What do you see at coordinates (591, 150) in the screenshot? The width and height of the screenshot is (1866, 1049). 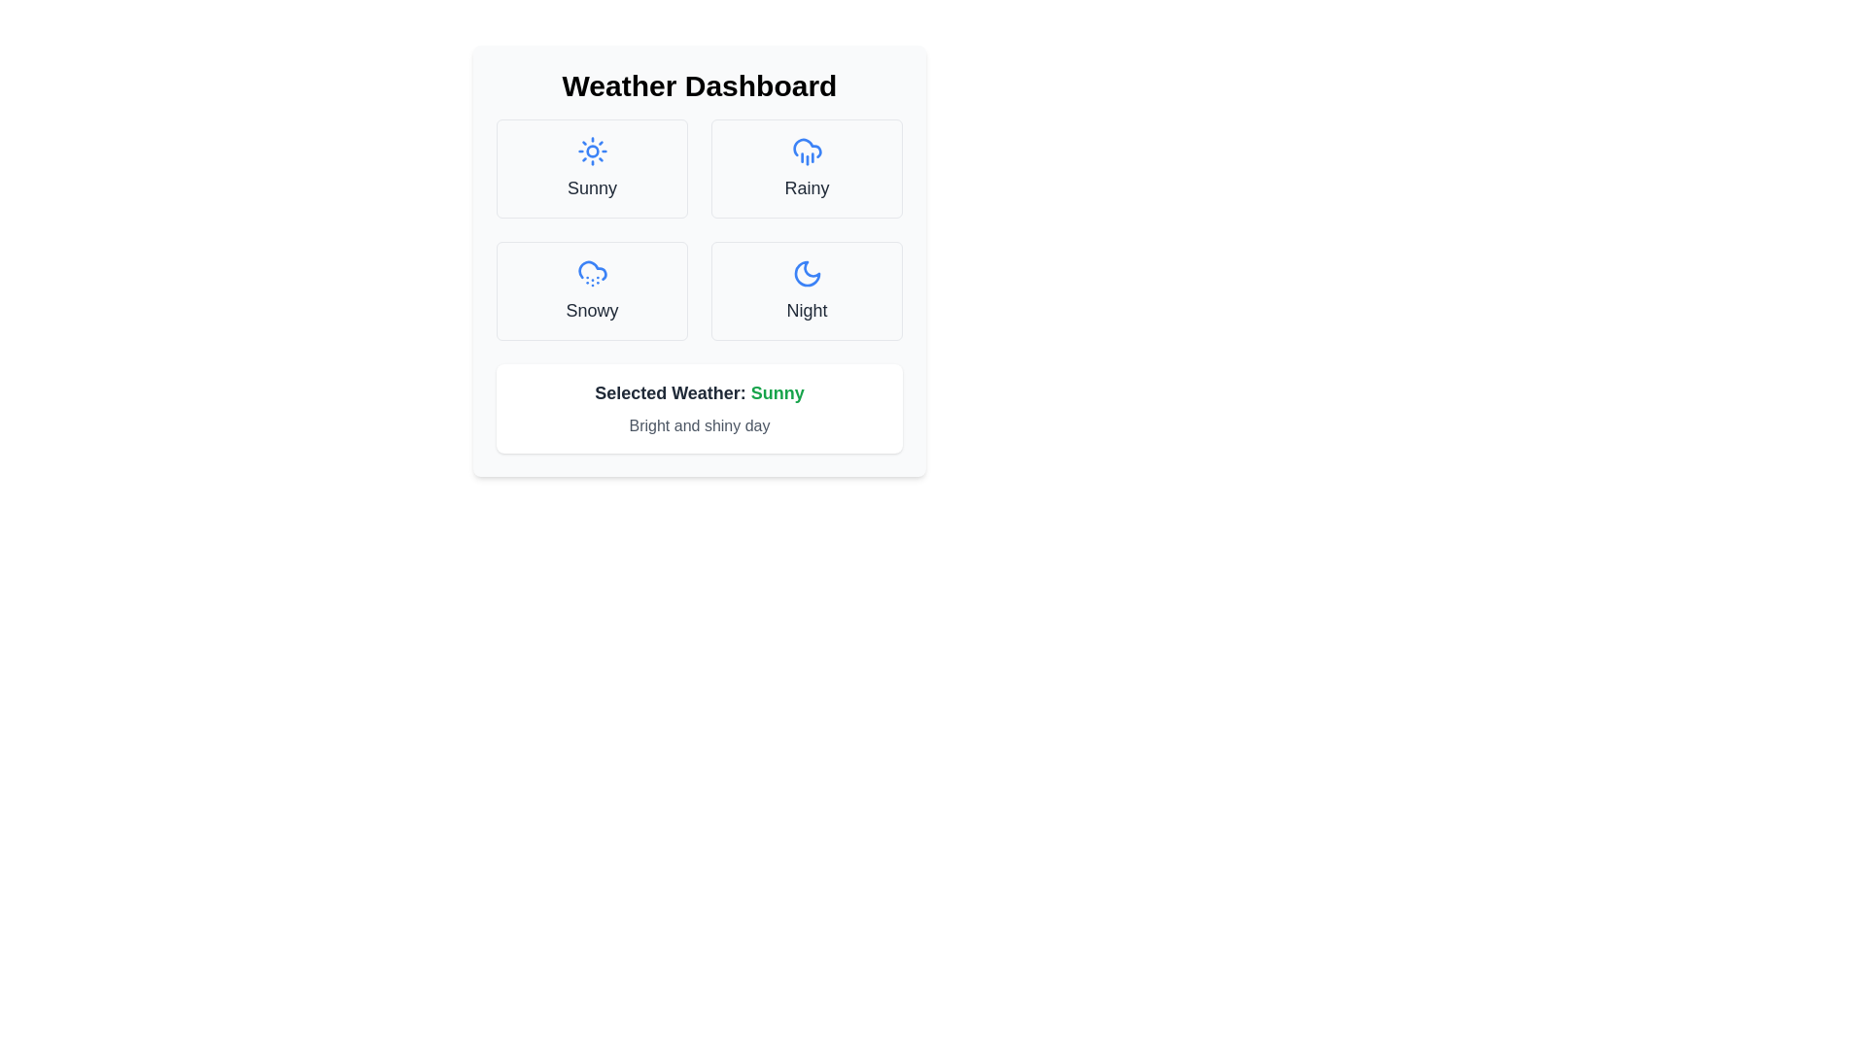 I see `the core circle of the sun icon in the top-left box labeled 'Sunny' on the weather interface` at bounding box center [591, 150].